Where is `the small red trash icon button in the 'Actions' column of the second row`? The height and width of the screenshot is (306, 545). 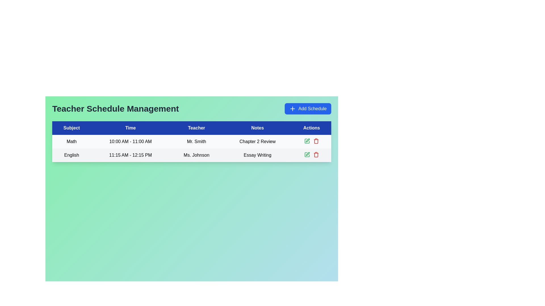
the small red trash icon button in the 'Actions' column of the second row is located at coordinates (316, 141).